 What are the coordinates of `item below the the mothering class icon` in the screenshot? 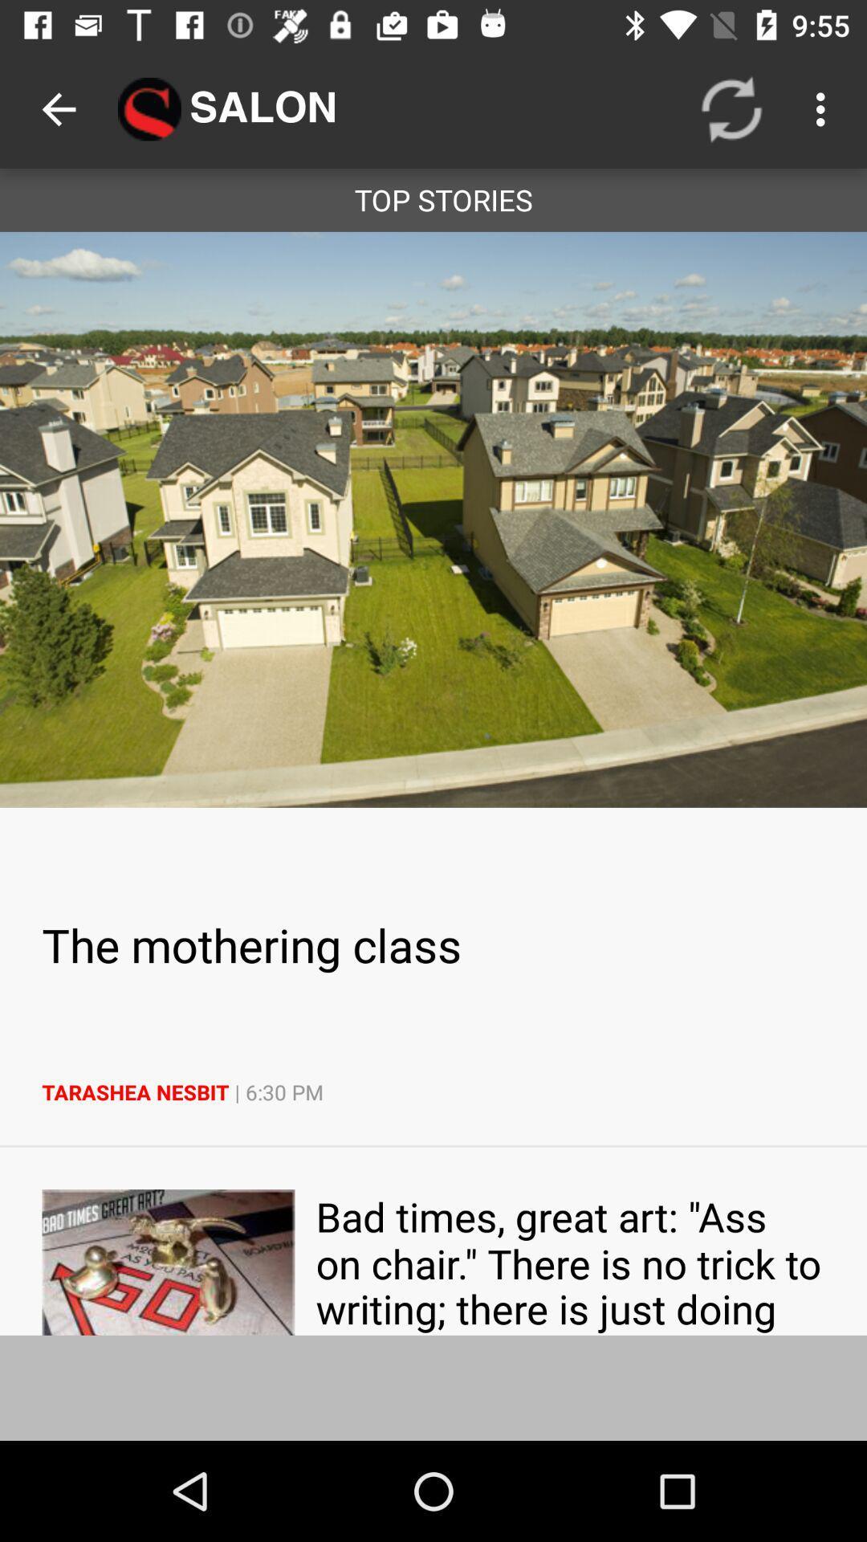 It's located at (433, 1092).